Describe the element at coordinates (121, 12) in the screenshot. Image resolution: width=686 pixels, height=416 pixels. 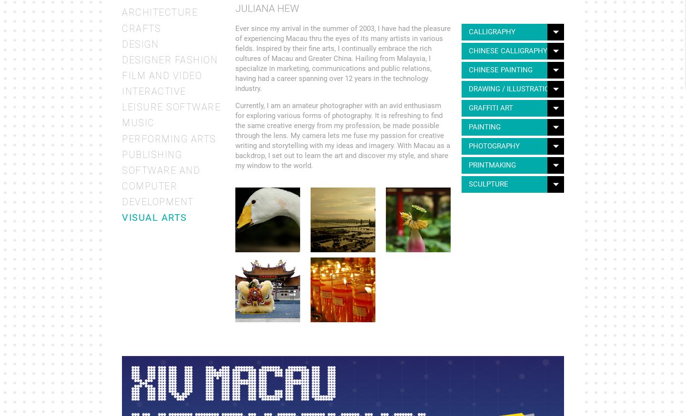
I see `'Architecture'` at that location.